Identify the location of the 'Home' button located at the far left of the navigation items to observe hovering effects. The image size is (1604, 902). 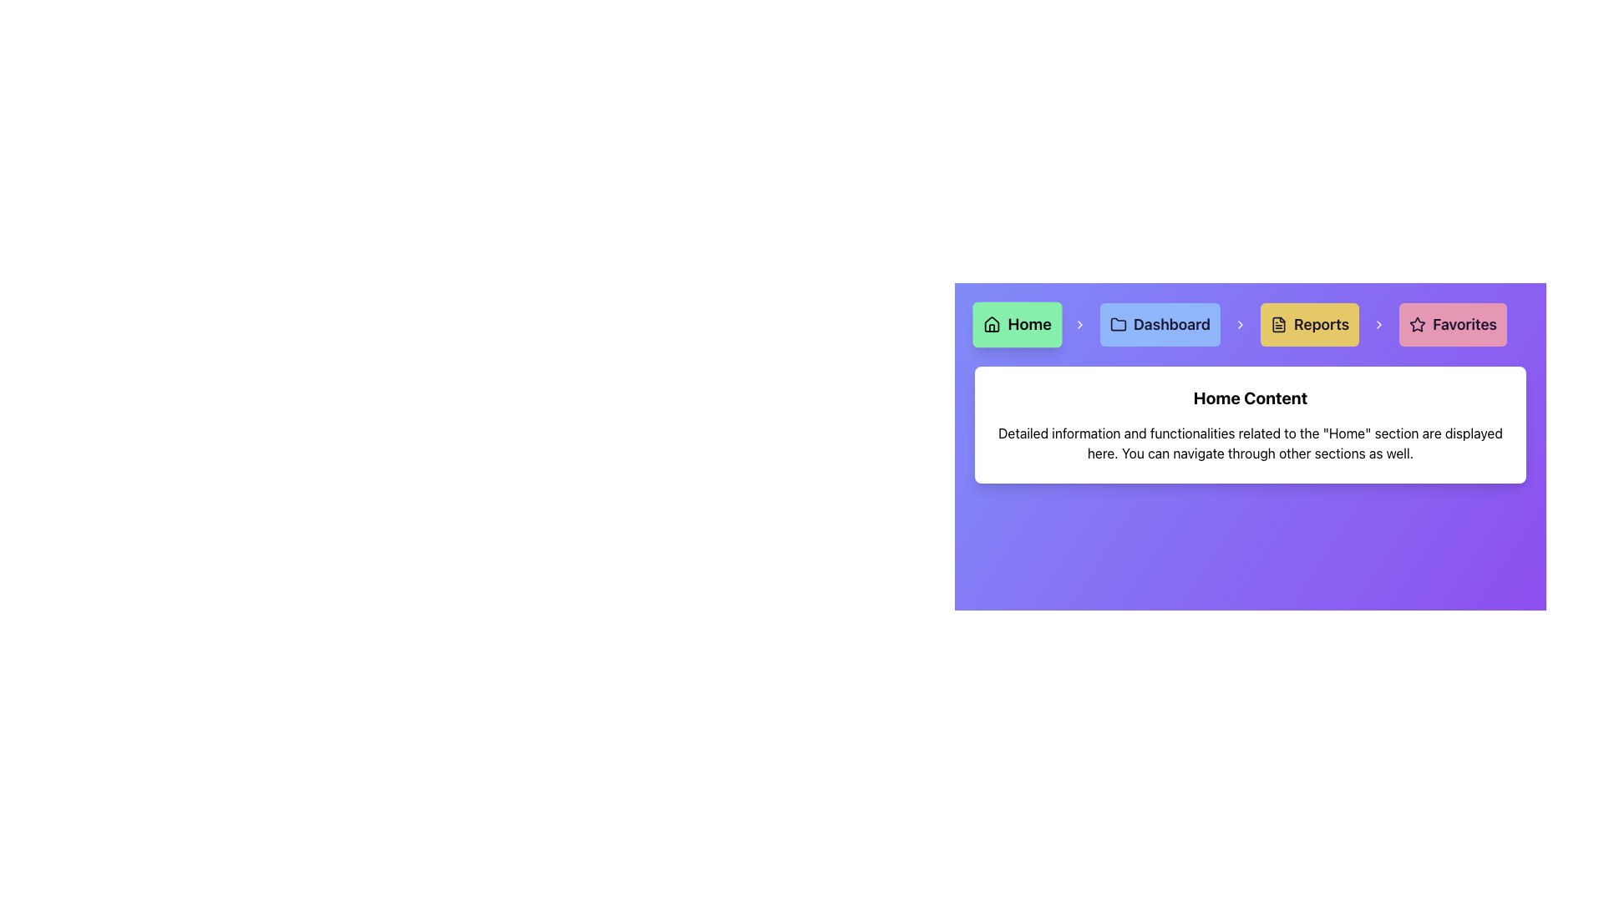
(1017, 325).